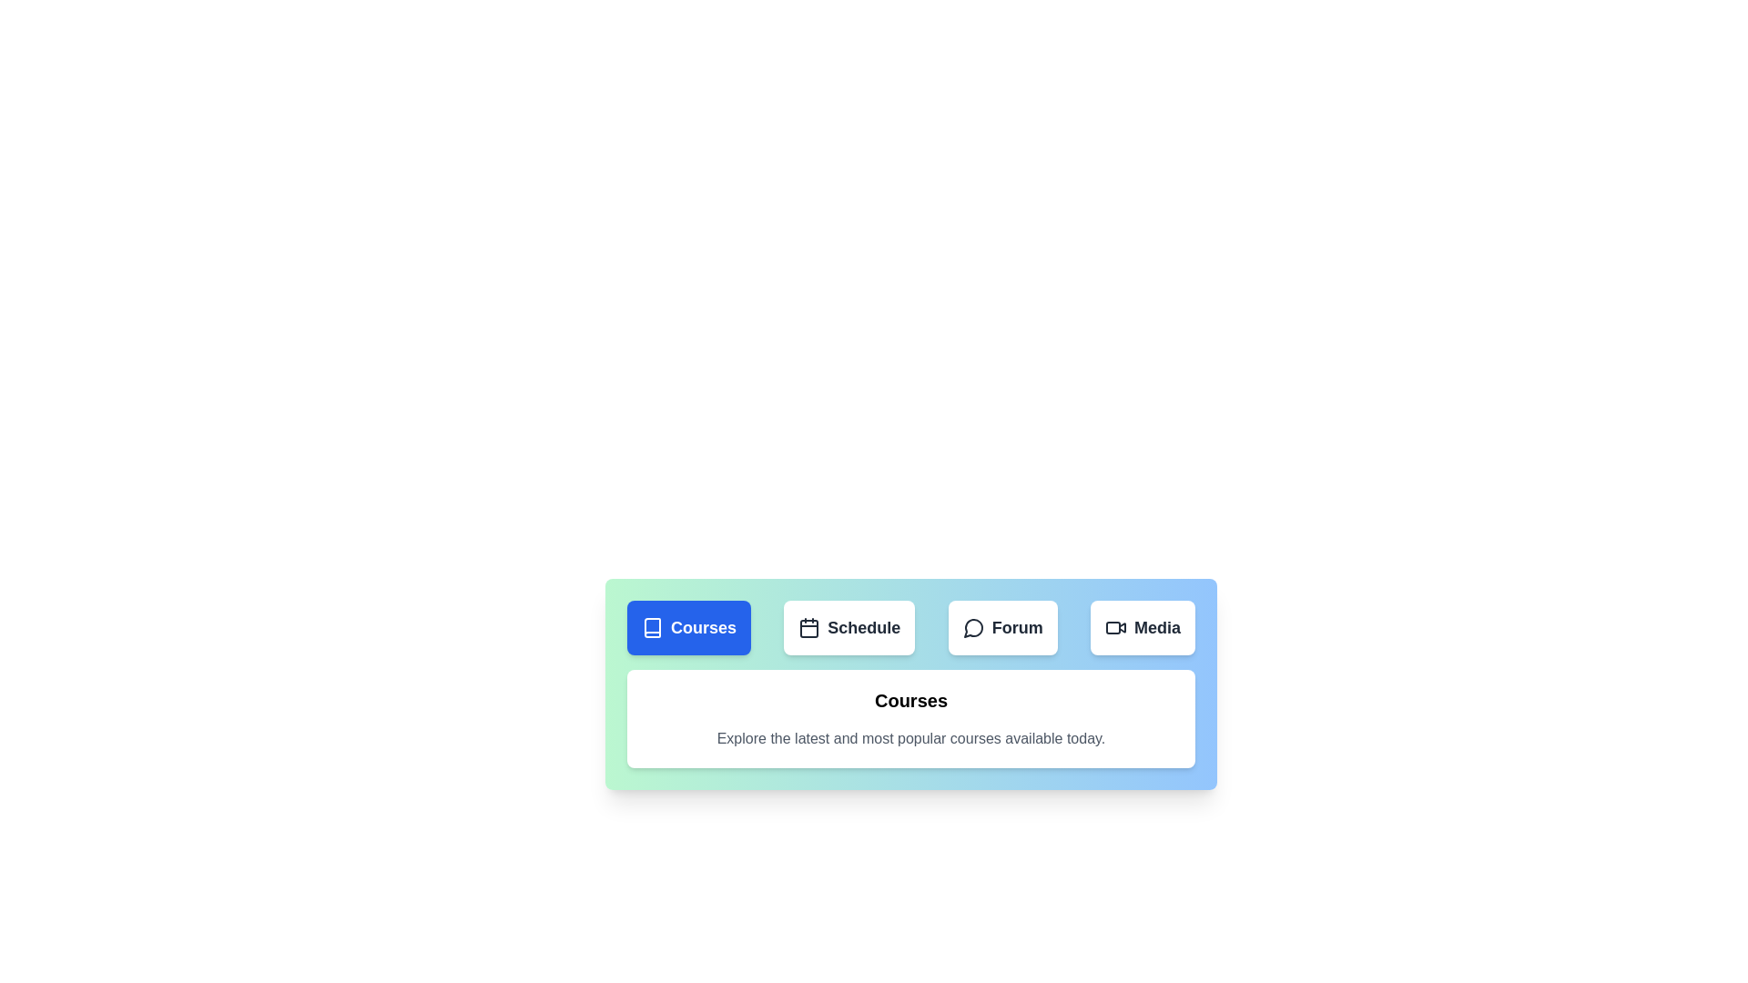 This screenshot has height=983, width=1748. Describe the element at coordinates (1002, 627) in the screenshot. I see `the tab labeled Forum to view its content` at that location.